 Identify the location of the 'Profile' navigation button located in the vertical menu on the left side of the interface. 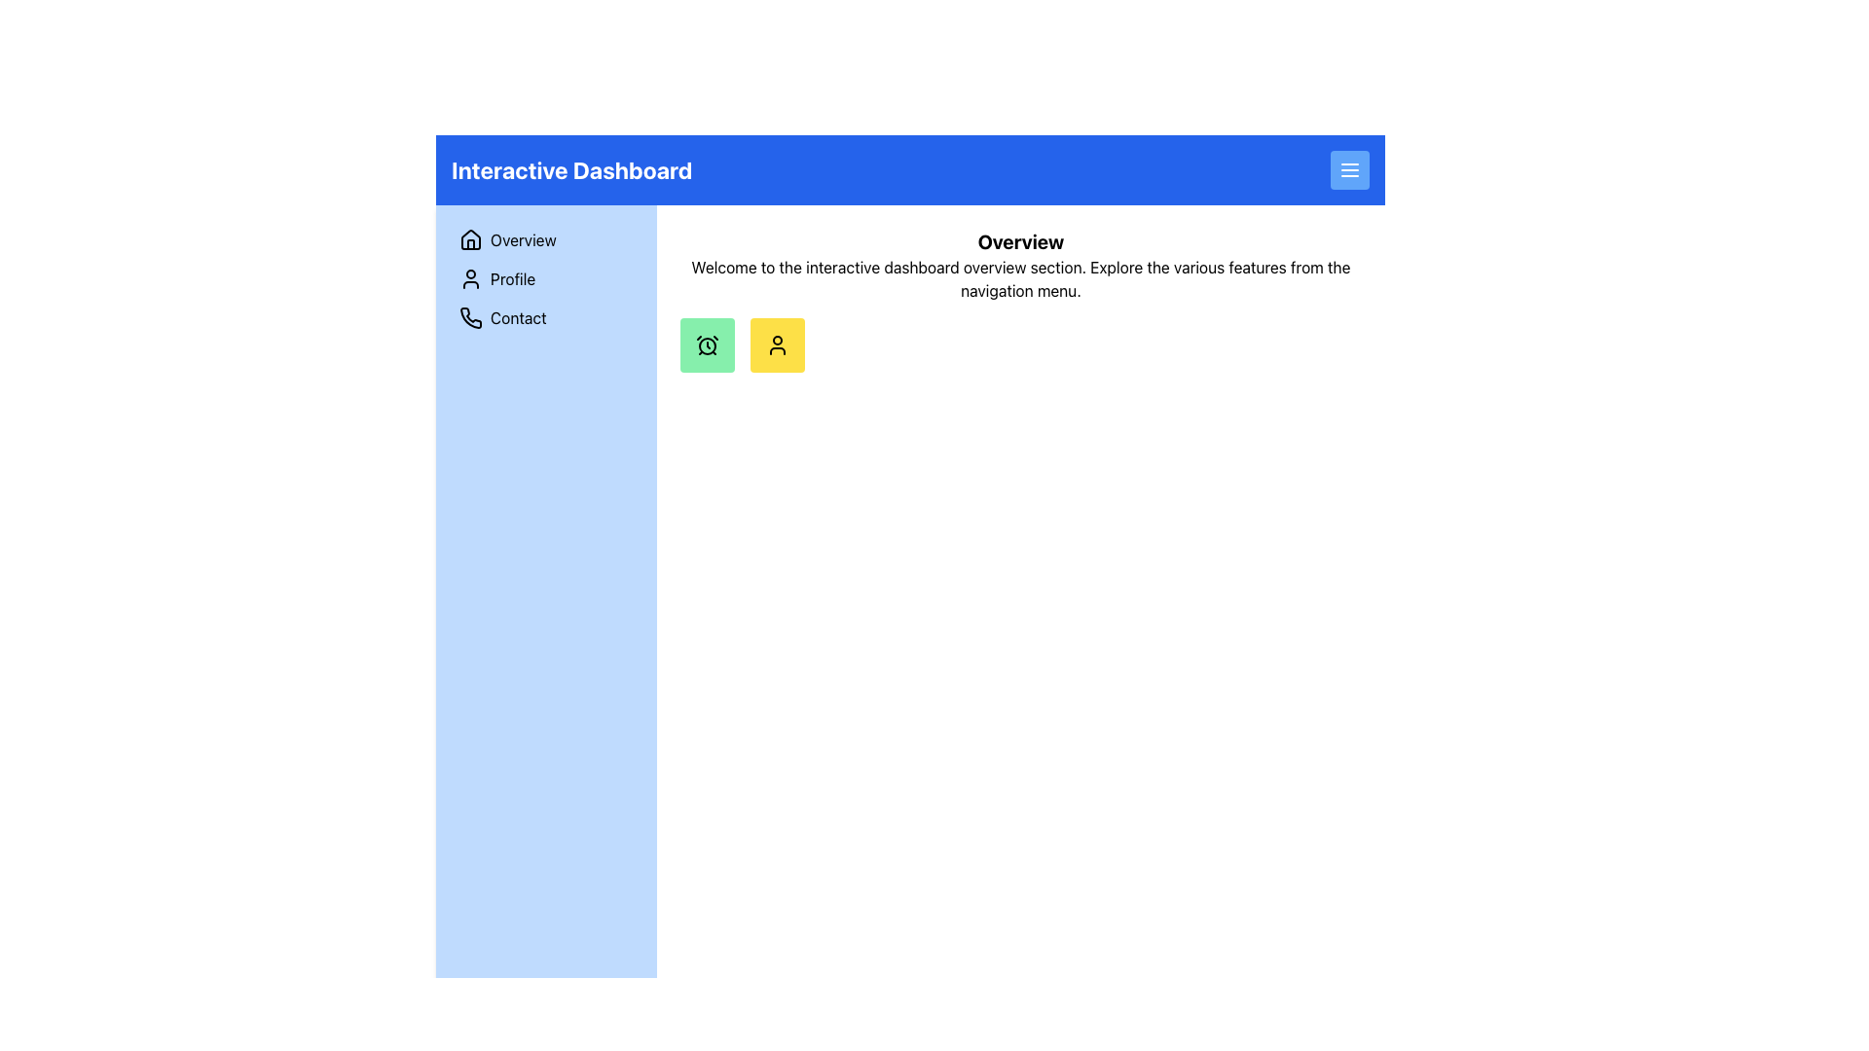
(545, 278).